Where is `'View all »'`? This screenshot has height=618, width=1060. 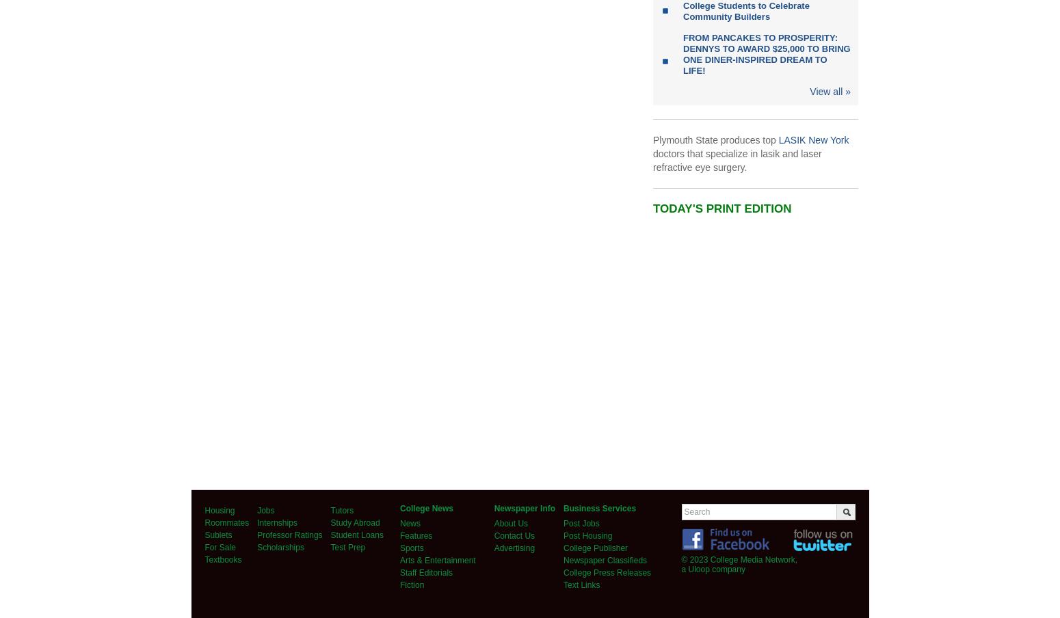
'View all »' is located at coordinates (830, 90).